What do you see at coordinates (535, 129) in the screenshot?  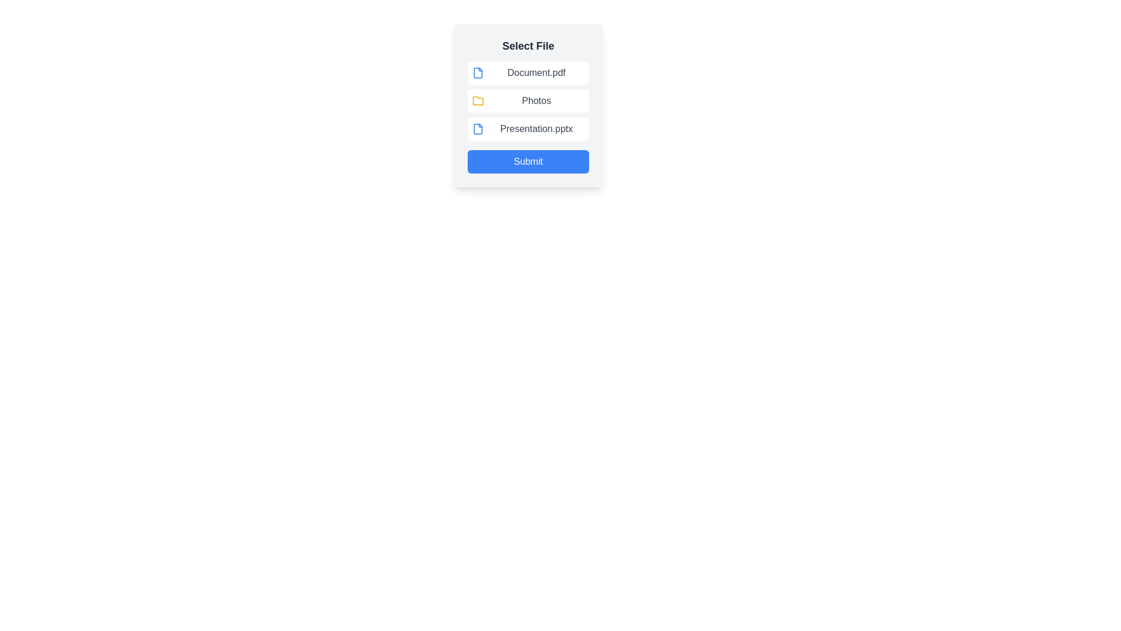 I see `the text label displaying 'Presentation.pptx', which is the third item in a vertically arranged list of files in the file selection interface, located under the heading 'Select File'` at bounding box center [535, 129].